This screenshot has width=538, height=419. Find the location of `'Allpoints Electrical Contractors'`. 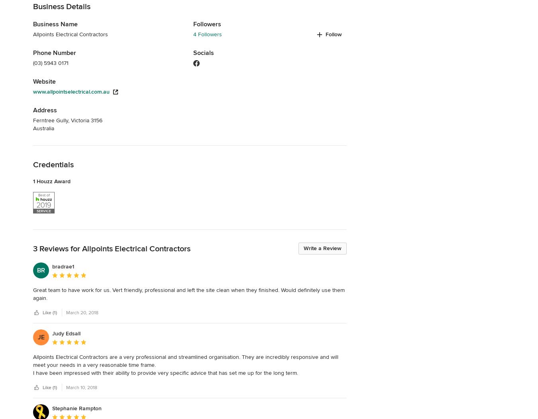

'Allpoints Electrical Contractors' is located at coordinates (70, 33).